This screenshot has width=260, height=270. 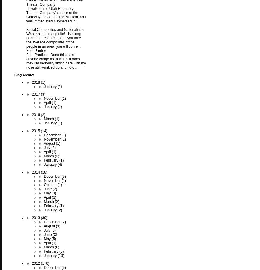 What do you see at coordinates (54, 40) in the screenshot?
I see `'What an interesting site!   I've long heard the research that if you take the average composites of the people in an area, you will come...'` at bounding box center [54, 40].